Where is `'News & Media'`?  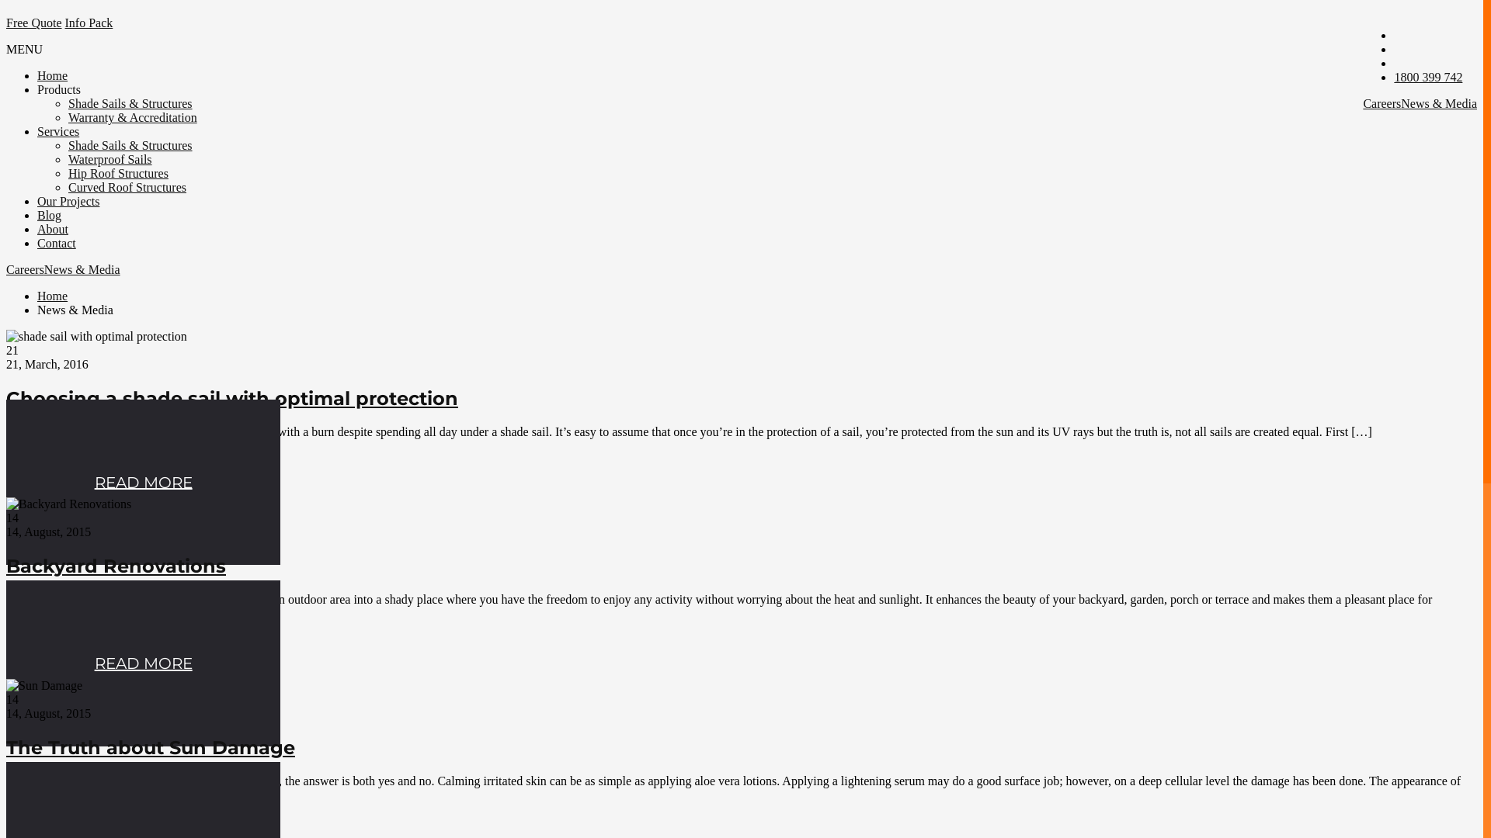
'News & Media' is located at coordinates (1437, 103).